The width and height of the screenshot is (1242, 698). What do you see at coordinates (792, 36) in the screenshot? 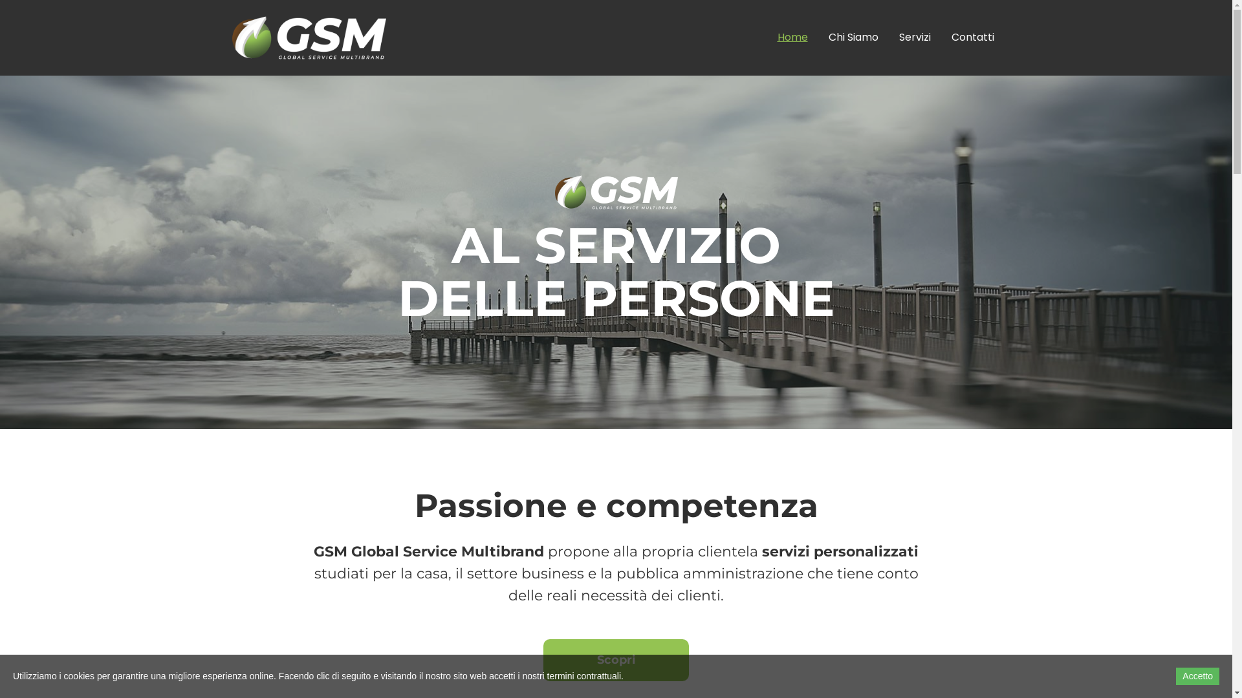
I see `'Home'` at bounding box center [792, 36].